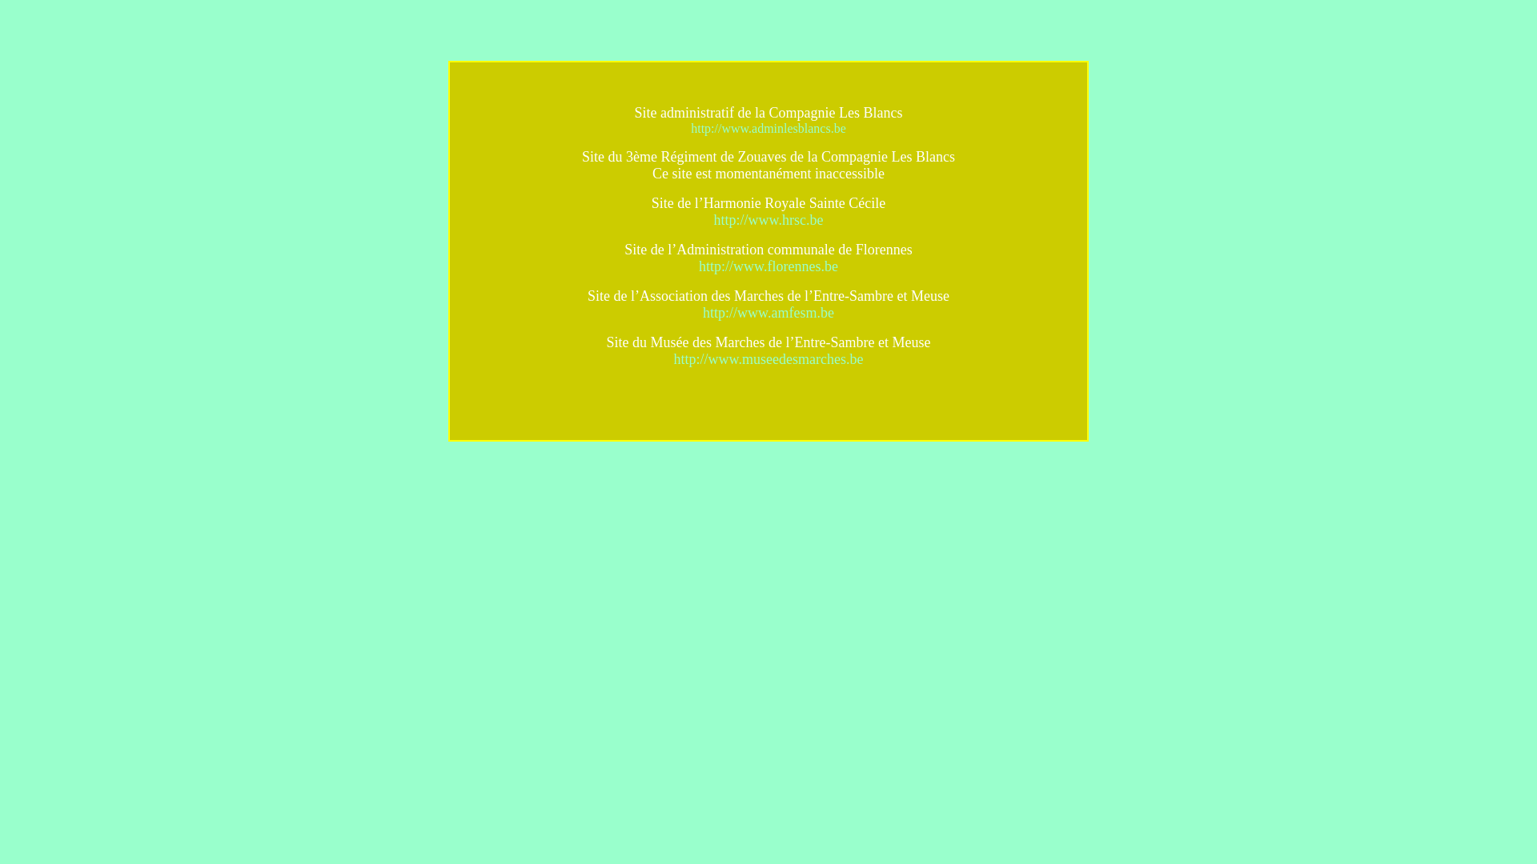 This screenshot has height=864, width=1537. I want to click on 'http://www.amfesm.be', so click(703, 312).